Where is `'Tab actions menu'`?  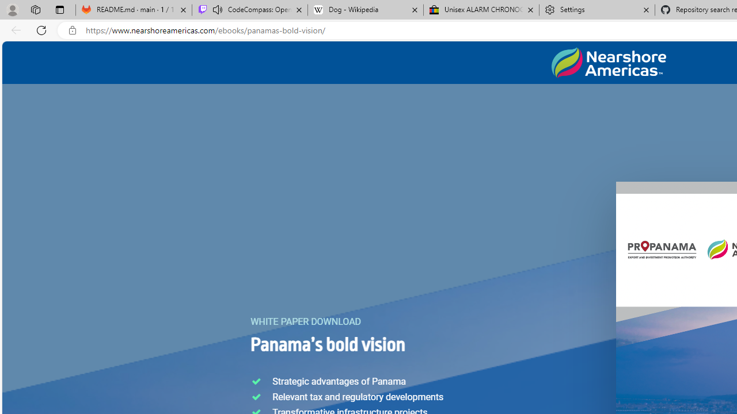 'Tab actions menu' is located at coordinates (59, 9).